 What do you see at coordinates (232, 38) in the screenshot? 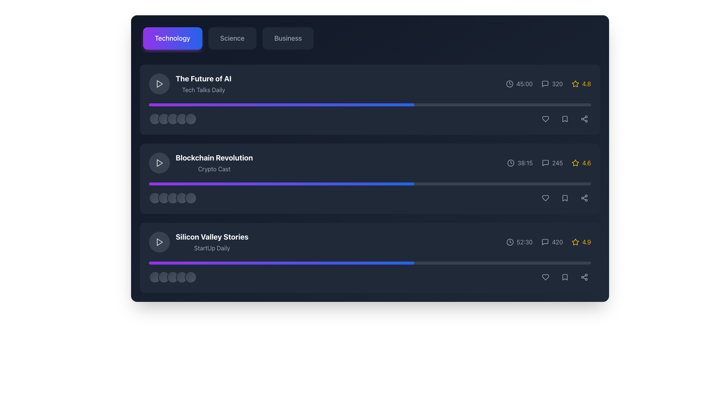
I see `the 'Science' navigation item, which filters or displays related content, located centrally among the navigation items at the top of the interface` at bounding box center [232, 38].